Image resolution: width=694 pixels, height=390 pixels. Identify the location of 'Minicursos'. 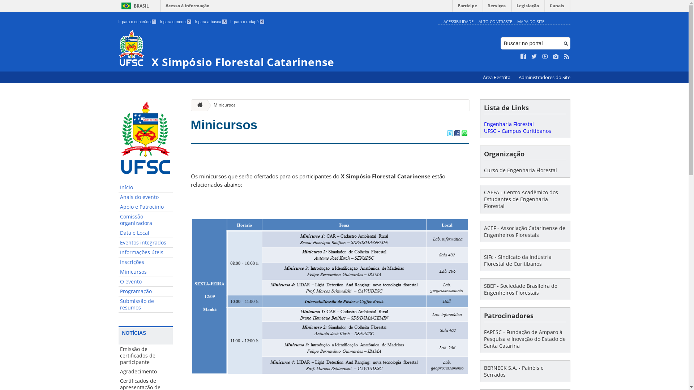
(145, 272).